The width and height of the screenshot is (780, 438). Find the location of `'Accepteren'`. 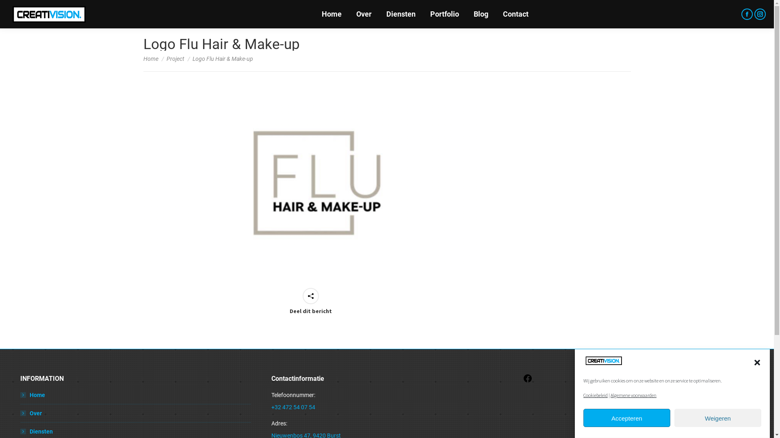

'Accepteren' is located at coordinates (626, 418).